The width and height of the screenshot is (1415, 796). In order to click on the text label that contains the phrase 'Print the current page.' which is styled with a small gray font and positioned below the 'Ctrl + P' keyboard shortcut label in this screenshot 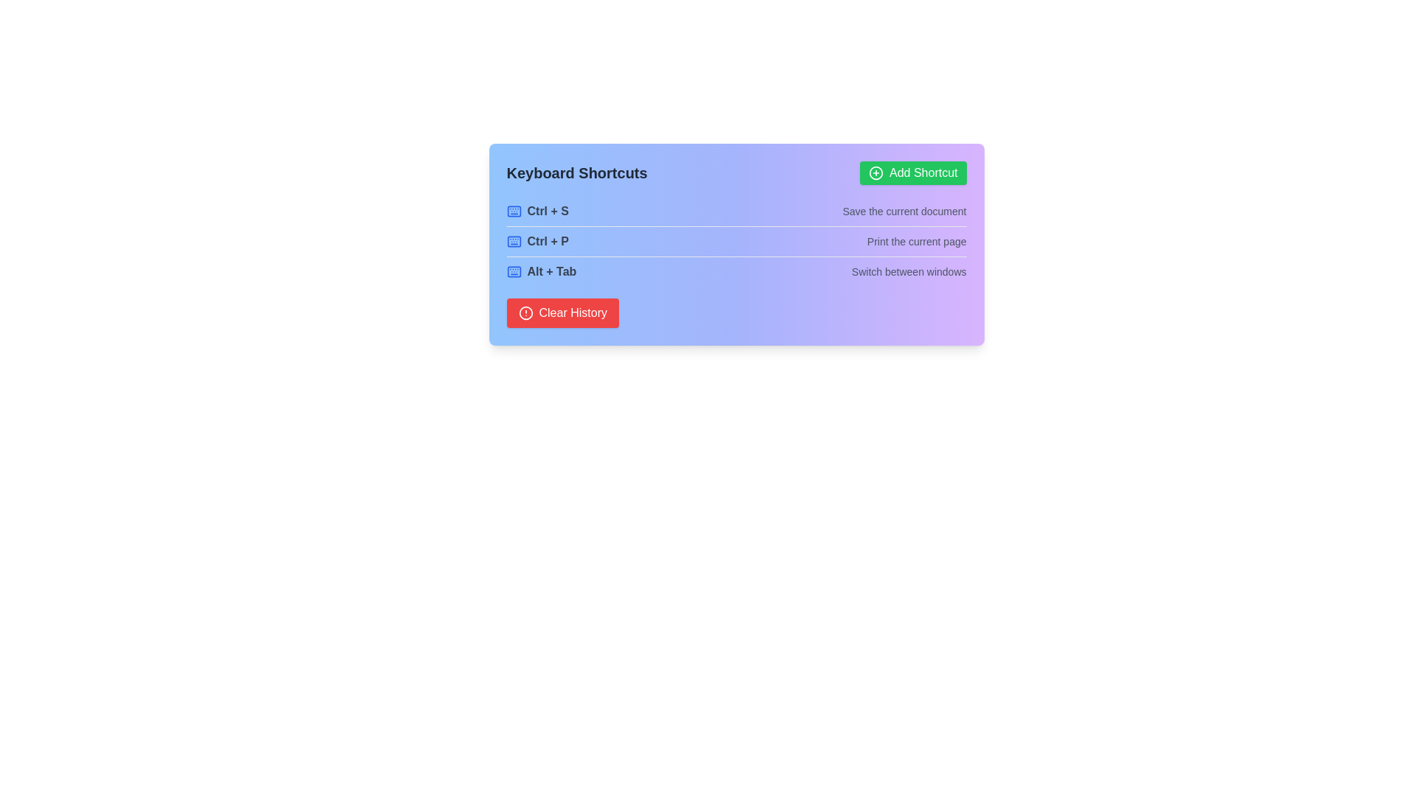, I will do `click(916, 240)`.